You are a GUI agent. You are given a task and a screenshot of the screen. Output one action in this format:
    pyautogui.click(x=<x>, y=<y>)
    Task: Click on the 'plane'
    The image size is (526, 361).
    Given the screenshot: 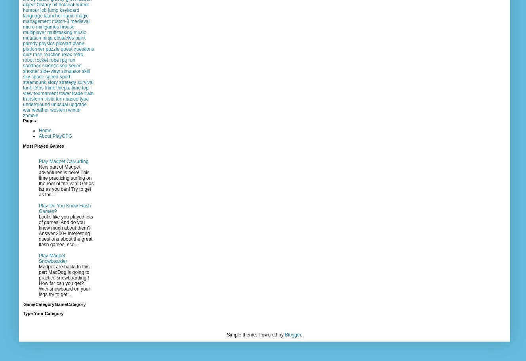 What is the action you would take?
    pyautogui.click(x=78, y=43)
    